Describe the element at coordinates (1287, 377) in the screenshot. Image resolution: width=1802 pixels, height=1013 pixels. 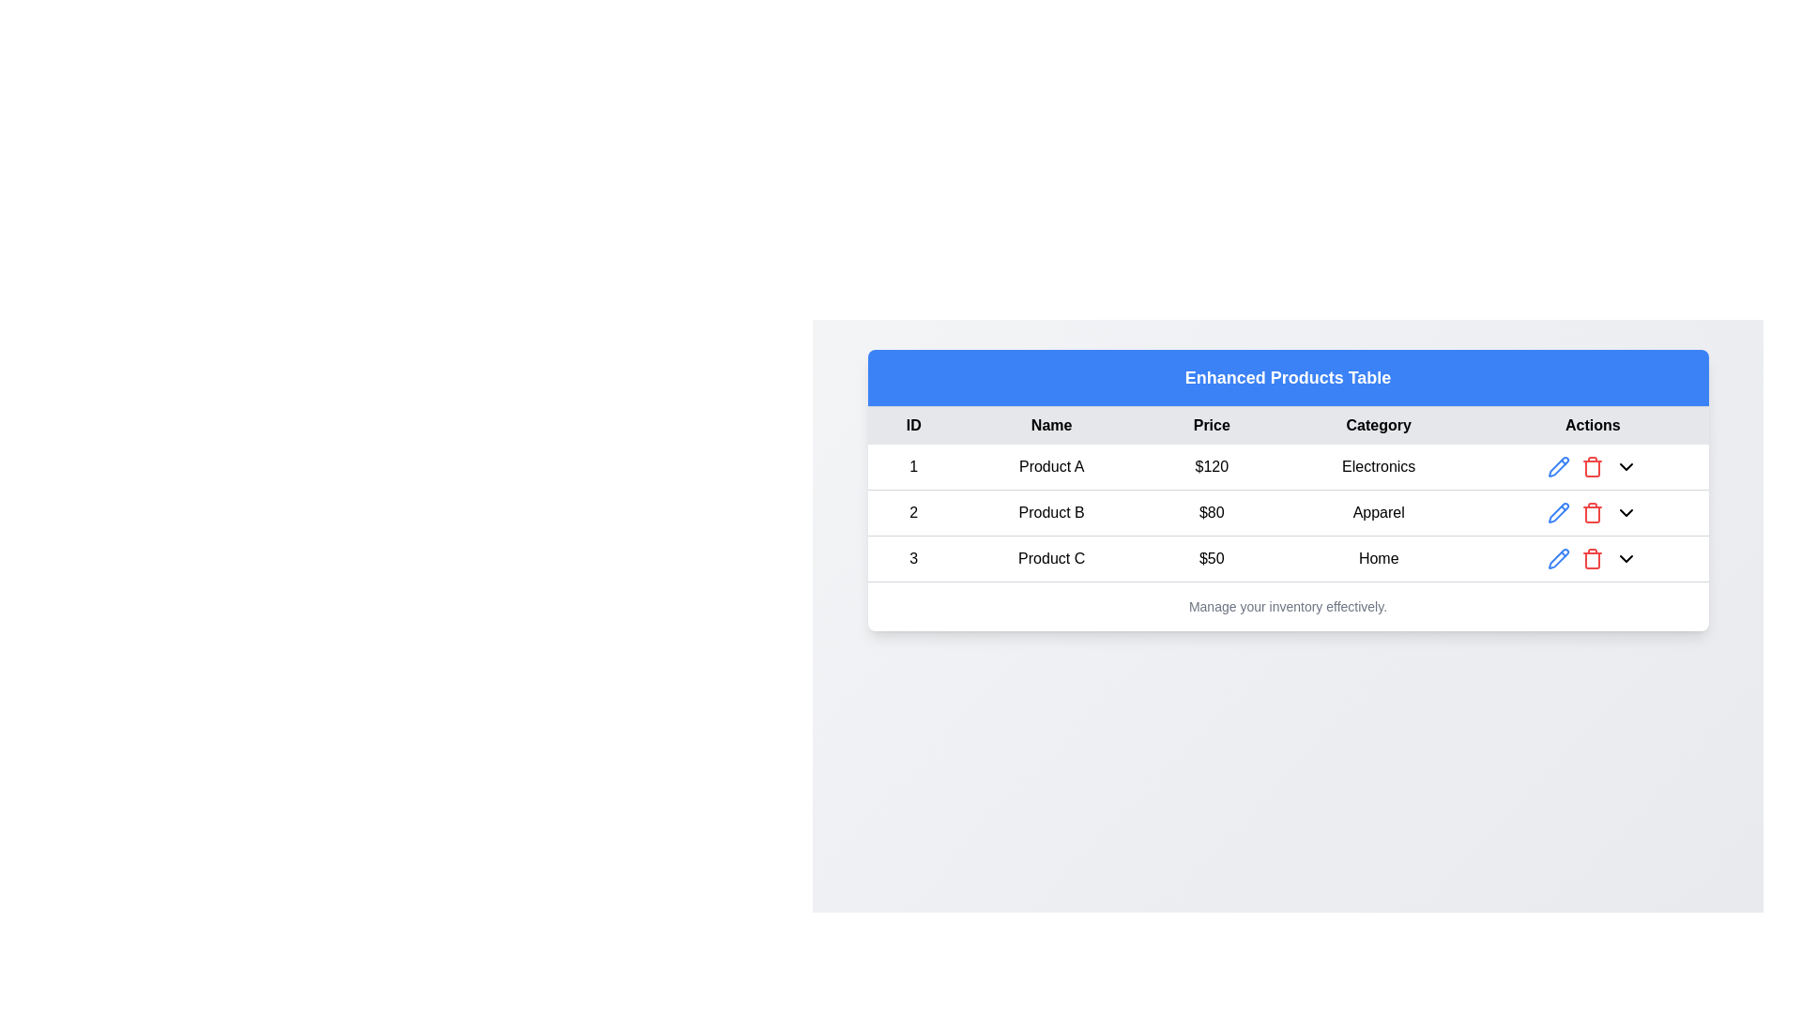
I see `the header text label located in the central part of the blue bar at the top of the table, which serves as a descriptor for the table content` at that location.